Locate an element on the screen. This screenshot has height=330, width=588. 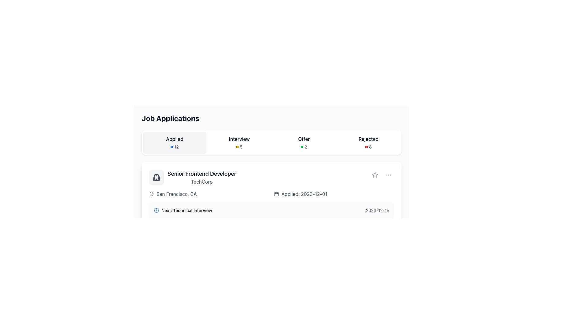
the interactive controls within the job application details card, which is the first card in the list displaying job title, company name, location, application date, and next steps is located at coordinates (271, 203).